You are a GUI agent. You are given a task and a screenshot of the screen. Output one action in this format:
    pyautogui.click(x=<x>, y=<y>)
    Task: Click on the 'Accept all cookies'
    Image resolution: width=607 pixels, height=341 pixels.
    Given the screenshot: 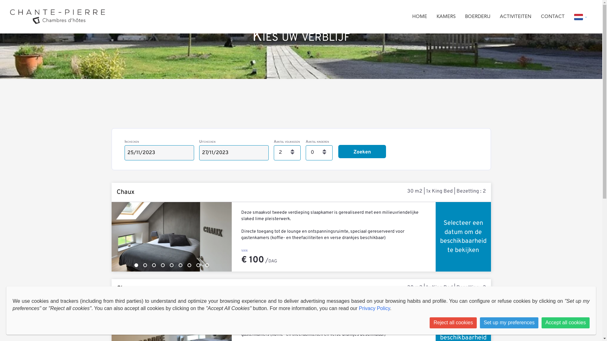 What is the action you would take?
    pyautogui.click(x=566, y=323)
    